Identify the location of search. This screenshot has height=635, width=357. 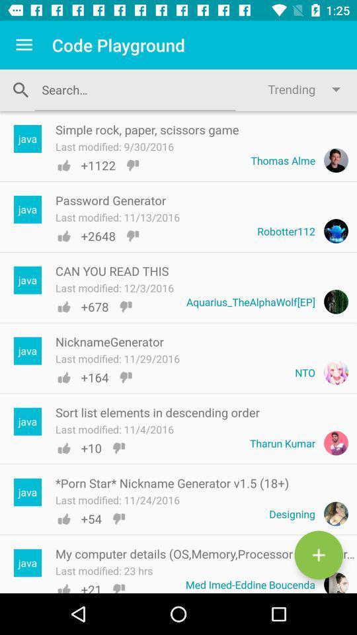
(318, 555).